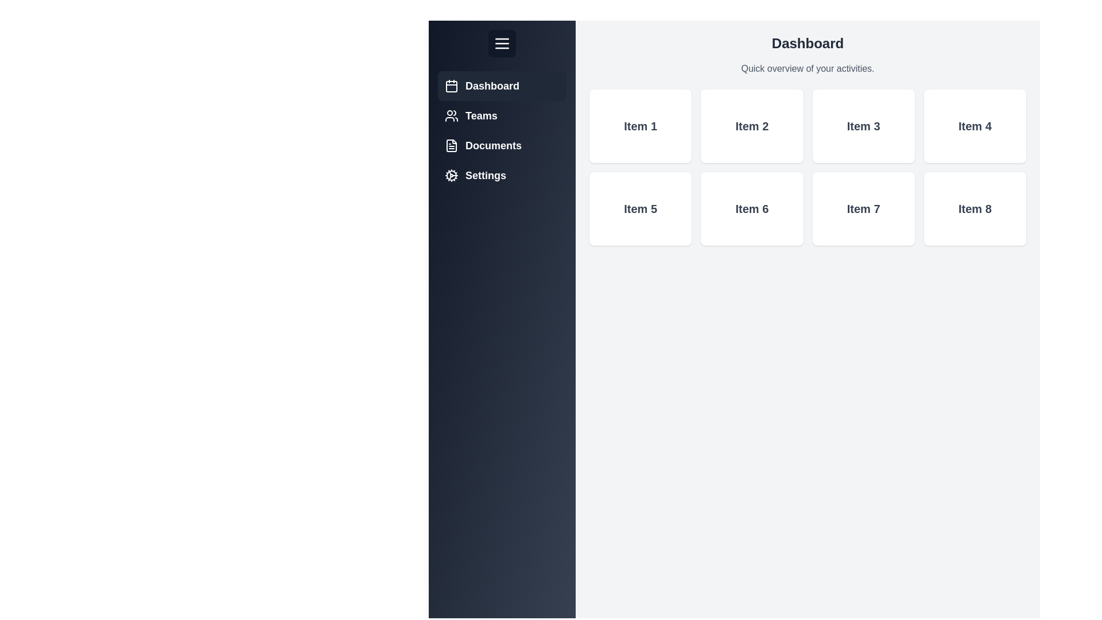  What do you see at coordinates (502, 175) in the screenshot?
I see `the Settings tab from the sidebar menu` at bounding box center [502, 175].